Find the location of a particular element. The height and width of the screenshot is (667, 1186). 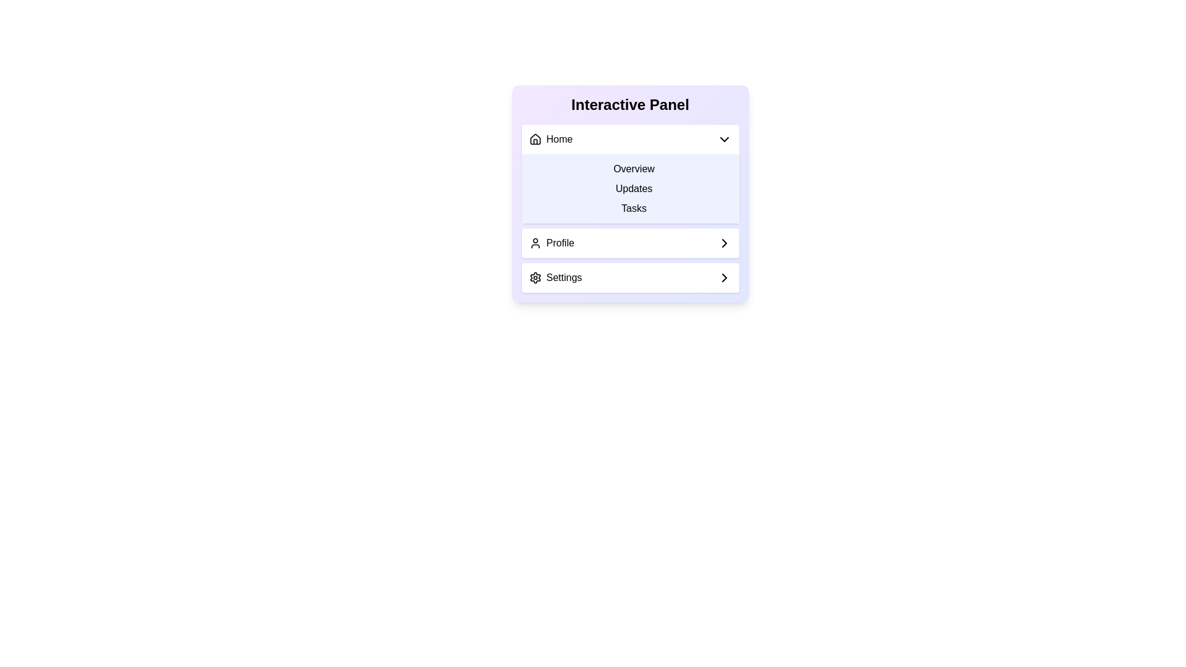

the 'Home' icon located at the top-left corner of the collapsible menu for navigation purposes is located at coordinates (535, 139).